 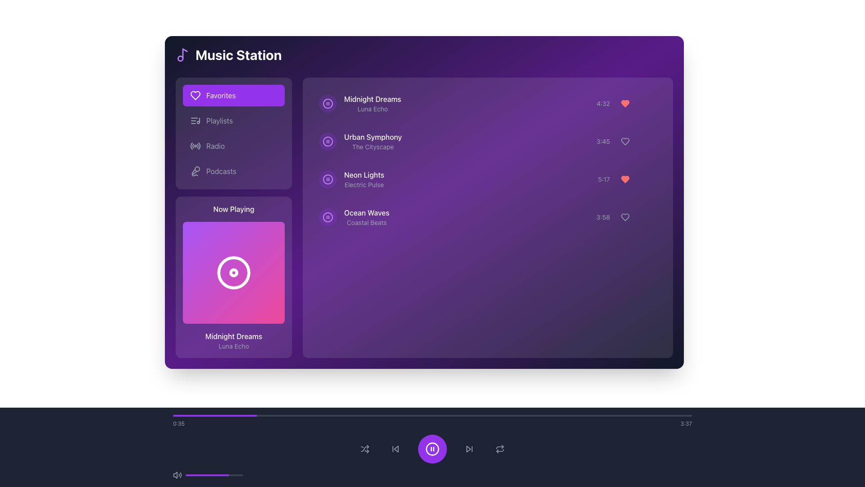 What do you see at coordinates (624, 217) in the screenshot?
I see `the heart icon located on the far right side of the fourth list item in the music playlist` at bounding box center [624, 217].